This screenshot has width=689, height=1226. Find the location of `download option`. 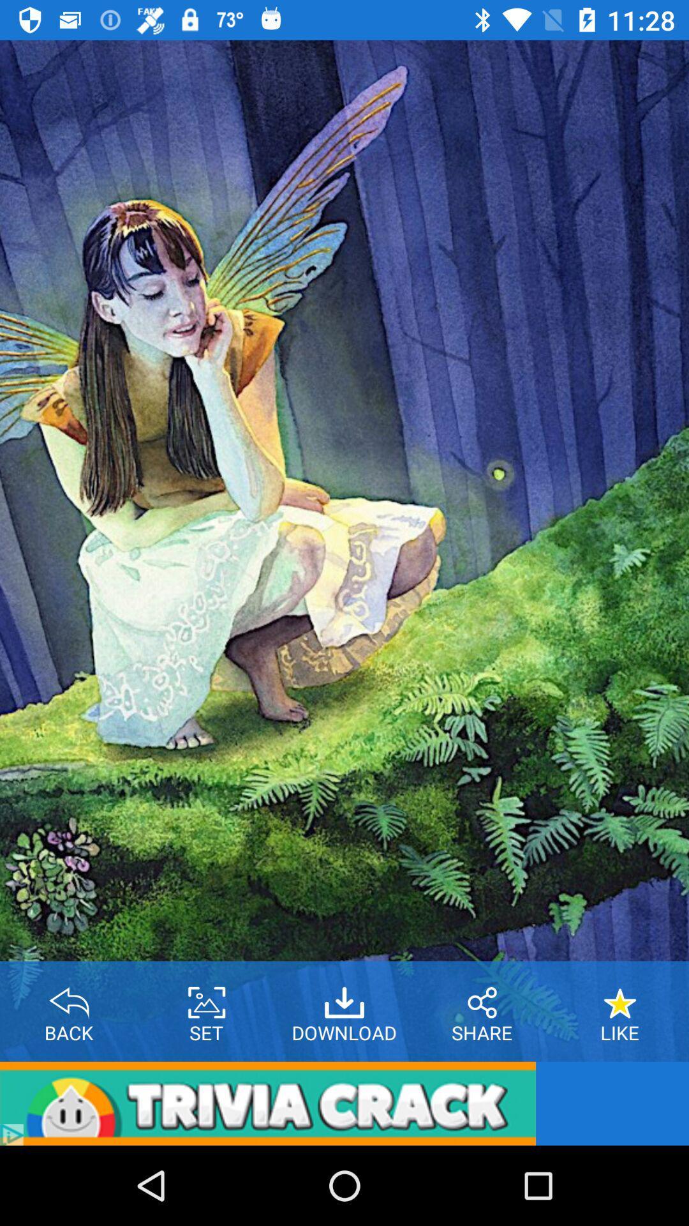

download option is located at coordinates (344, 997).